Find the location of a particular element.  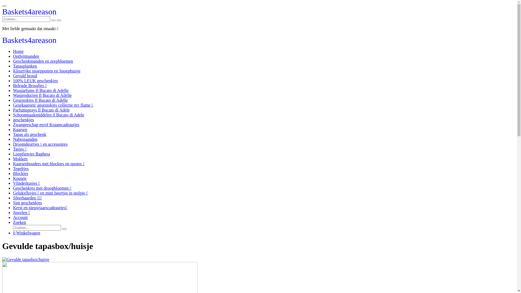

'Geschenkmanden en zeepbloemen' is located at coordinates (43, 61).